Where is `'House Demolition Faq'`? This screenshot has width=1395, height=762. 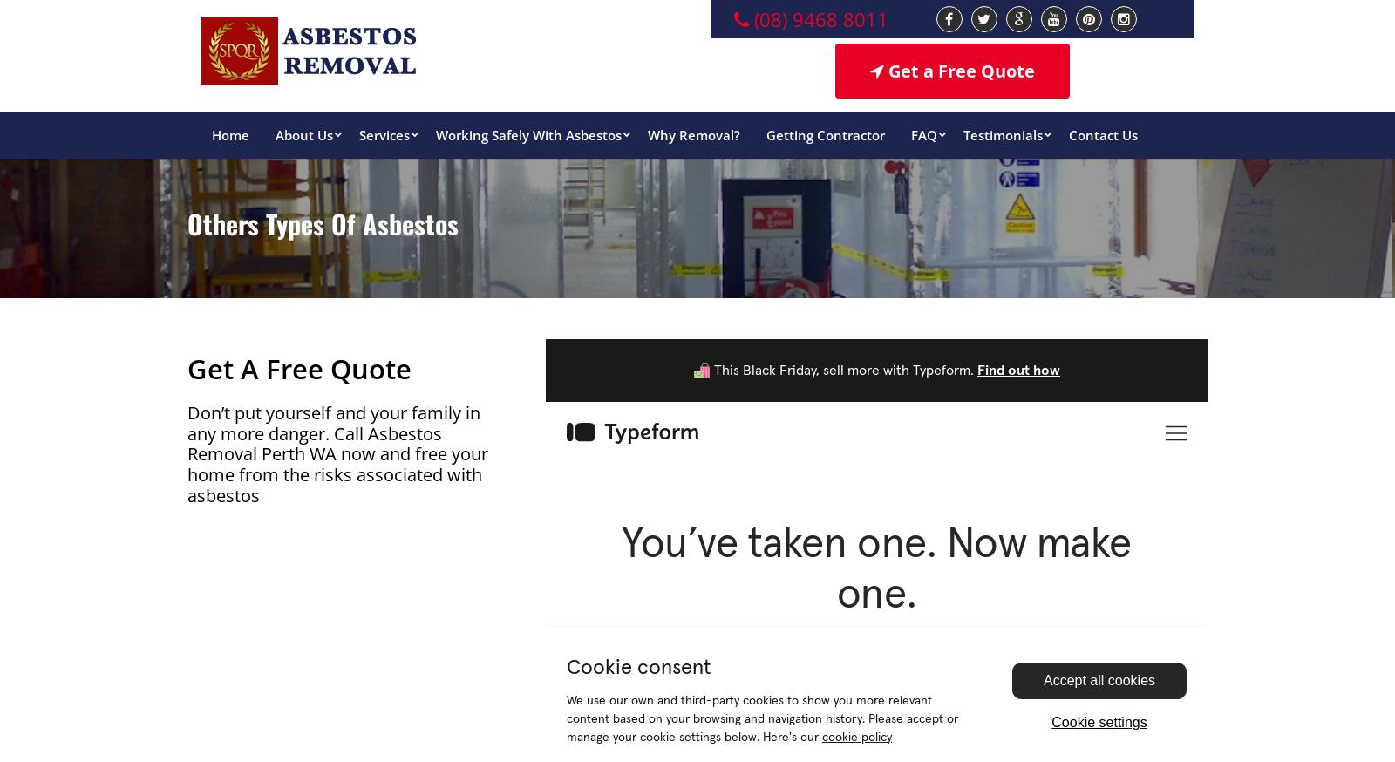 'House Demolition Faq' is located at coordinates (659, 575).